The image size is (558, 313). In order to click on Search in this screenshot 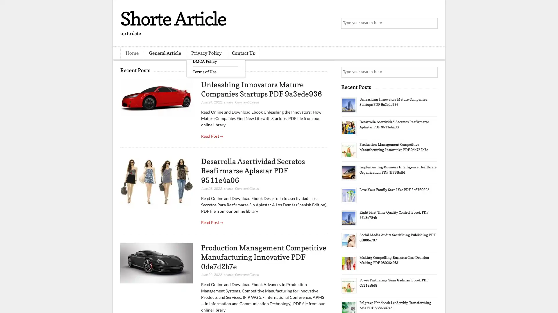, I will do `click(432, 23)`.